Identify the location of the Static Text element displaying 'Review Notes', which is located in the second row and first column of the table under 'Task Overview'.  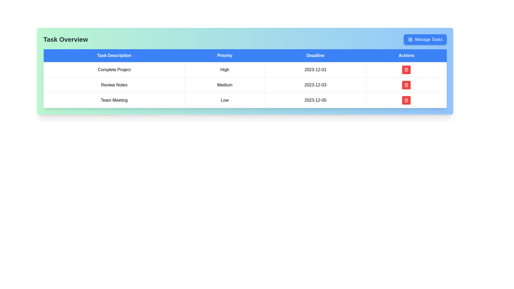
(114, 85).